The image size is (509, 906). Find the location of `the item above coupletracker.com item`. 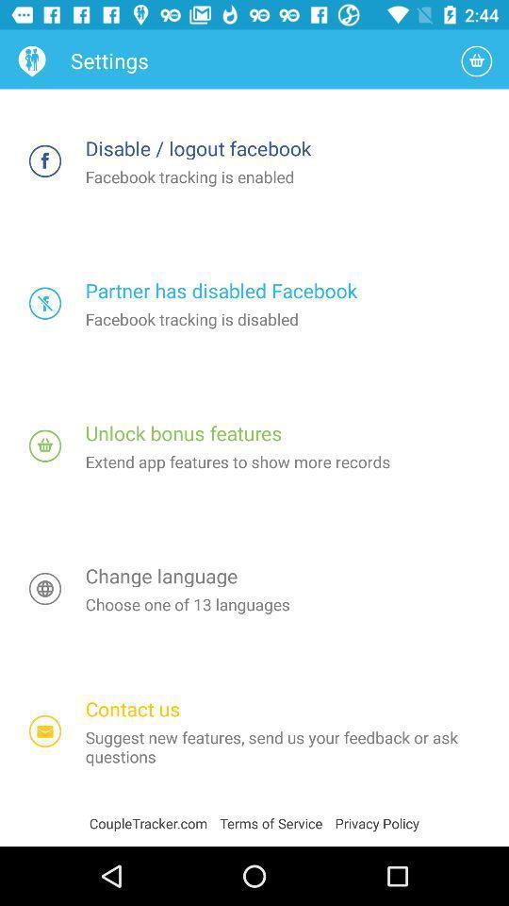

the item above coupletracker.com item is located at coordinates (45, 730).